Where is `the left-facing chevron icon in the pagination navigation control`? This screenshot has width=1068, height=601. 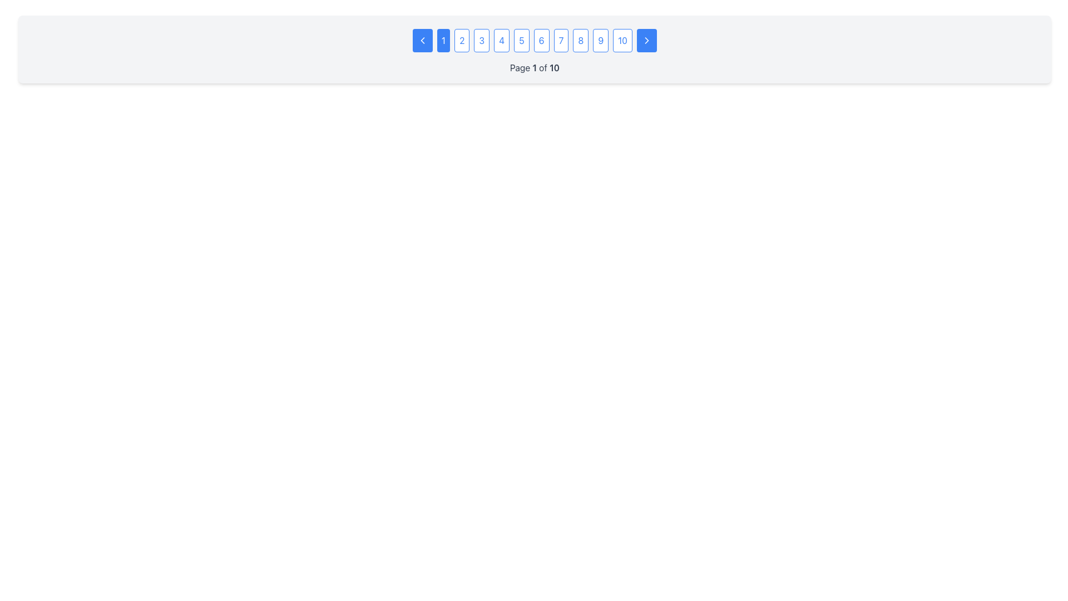
the left-facing chevron icon in the pagination navigation control is located at coordinates (422, 40).